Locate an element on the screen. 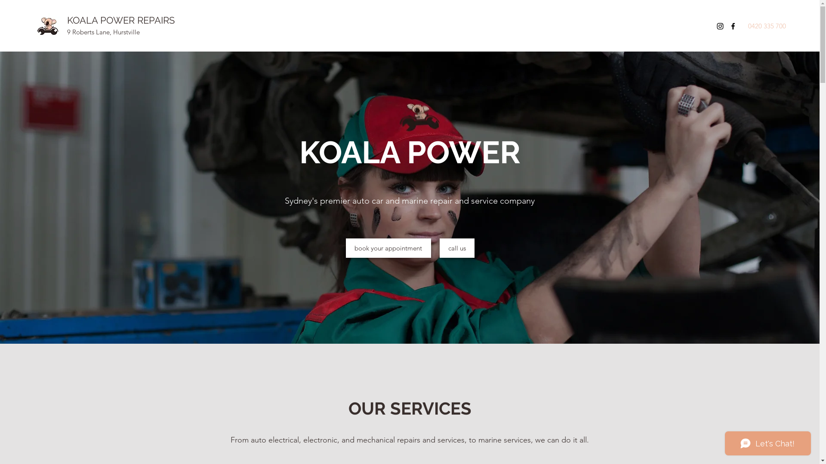 This screenshot has height=464, width=826. 'call us' is located at coordinates (456, 248).